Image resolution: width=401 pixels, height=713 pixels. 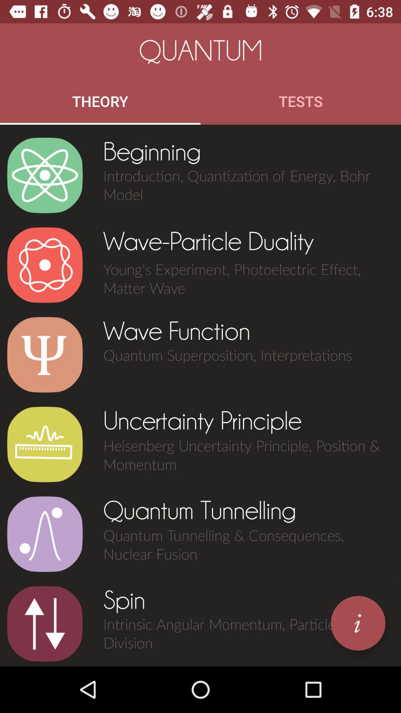 I want to click on open information, so click(x=358, y=623).